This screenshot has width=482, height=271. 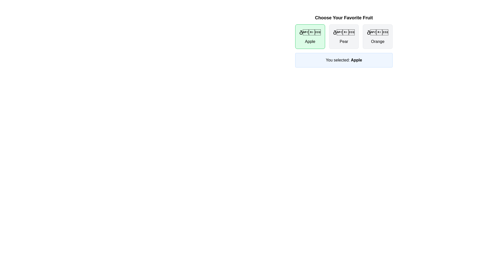 What do you see at coordinates (343, 17) in the screenshot?
I see `the text label that serves as a title or heading, providing a prompt to the user about selecting a fruit` at bounding box center [343, 17].